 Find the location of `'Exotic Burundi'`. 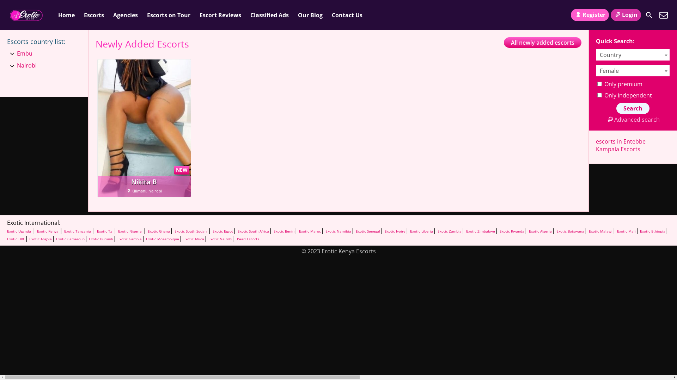

'Exotic Burundi' is located at coordinates (100, 238).